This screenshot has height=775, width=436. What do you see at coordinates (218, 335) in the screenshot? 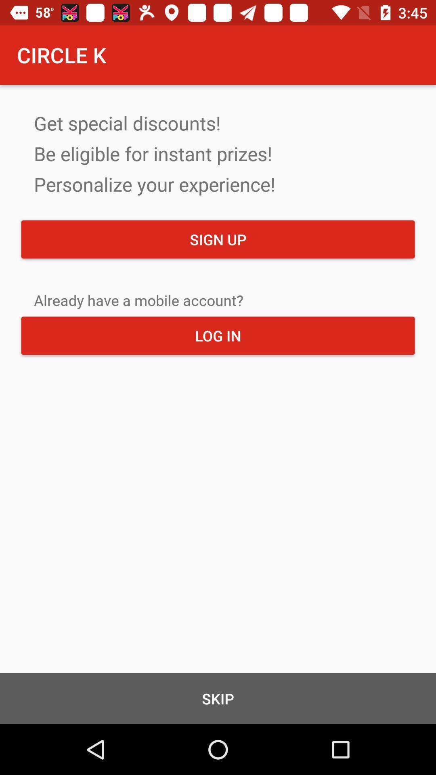
I see `log in` at bounding box center [218, 335].